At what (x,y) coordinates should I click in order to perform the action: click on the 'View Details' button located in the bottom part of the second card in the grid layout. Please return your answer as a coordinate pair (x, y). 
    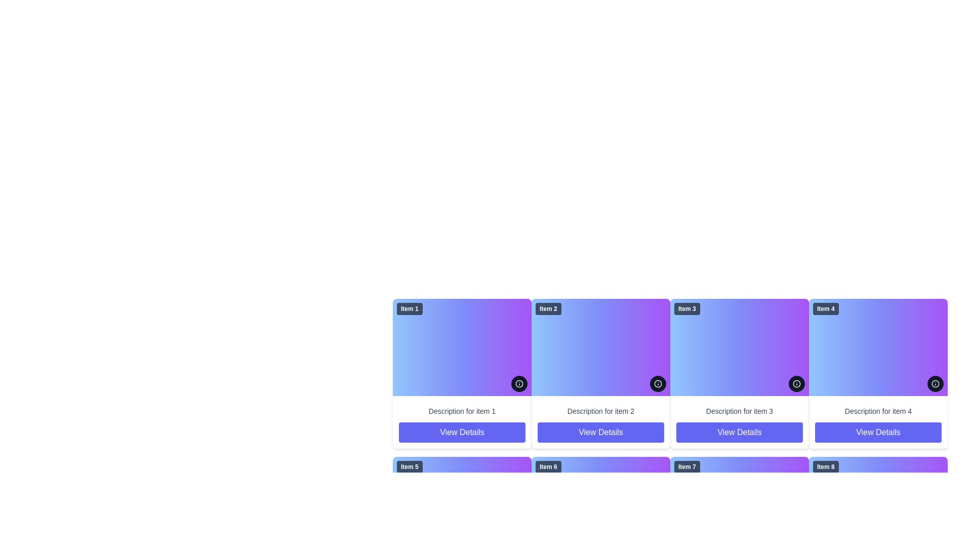
    Looking at the image, I should click on (600, 422).